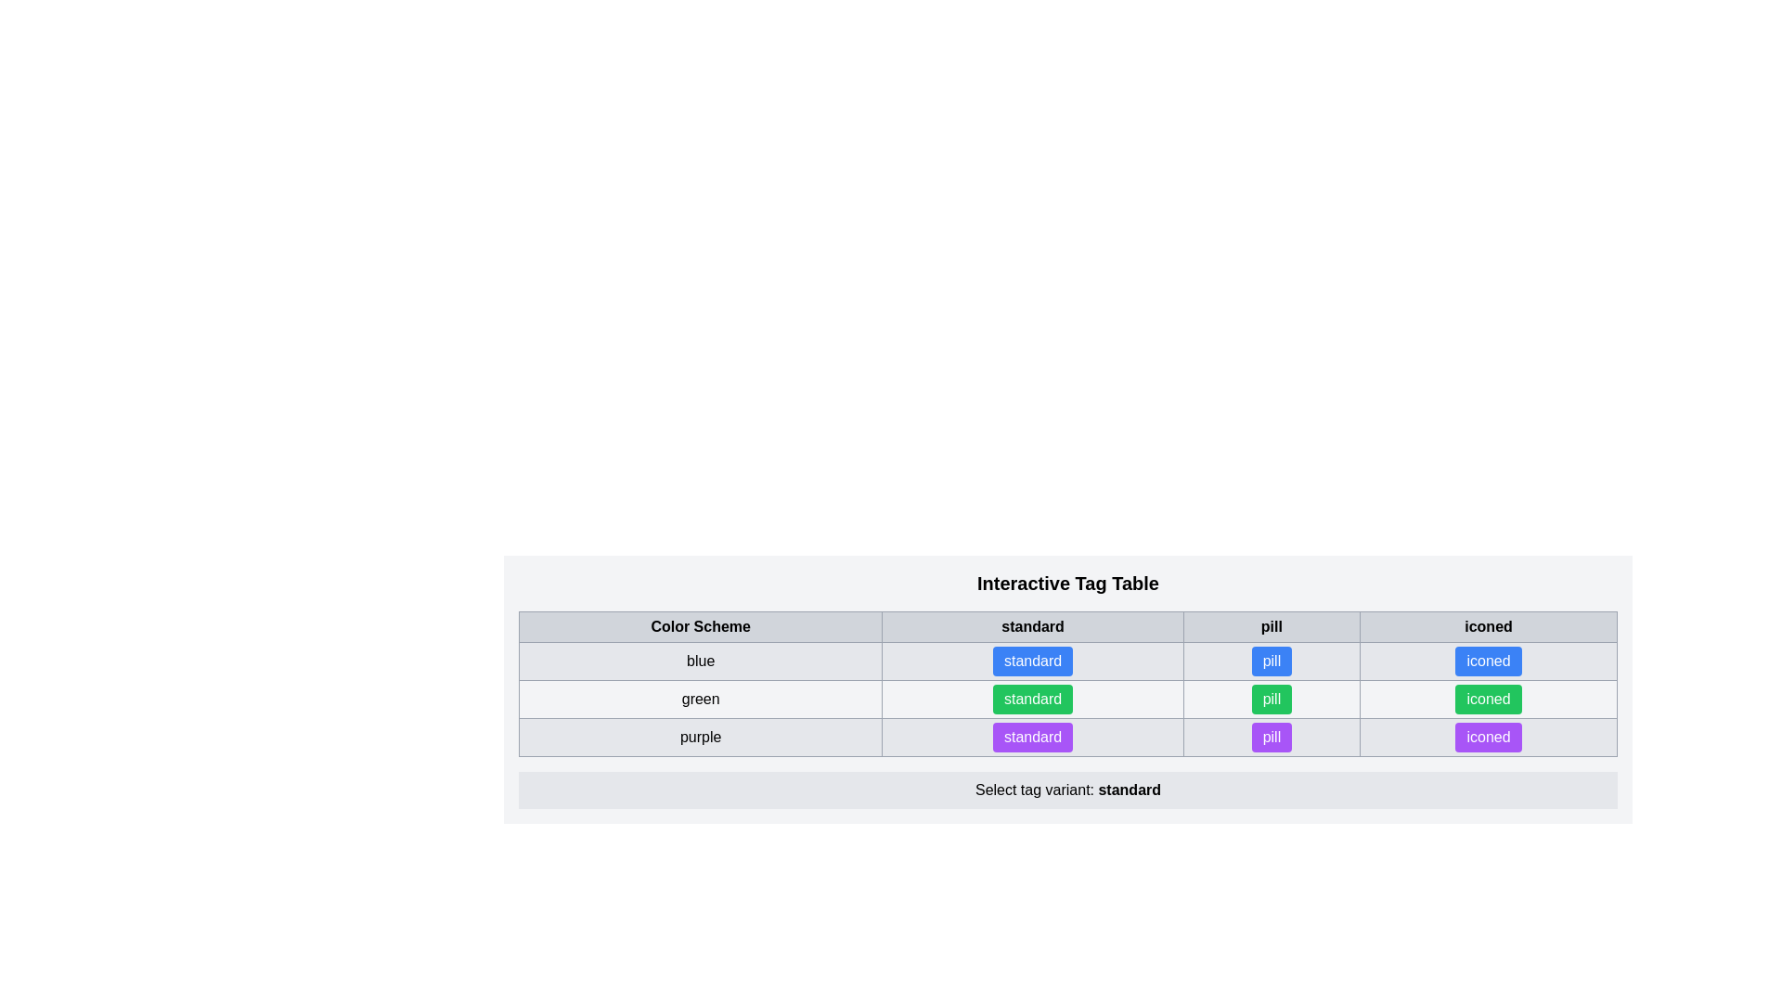 This screenshot has width=1782, height=1002. I want to click on the rectangular text cell containing the text 'blue' in the first cell of the second row under the 'Color Scheme' column, so click(700, 661).